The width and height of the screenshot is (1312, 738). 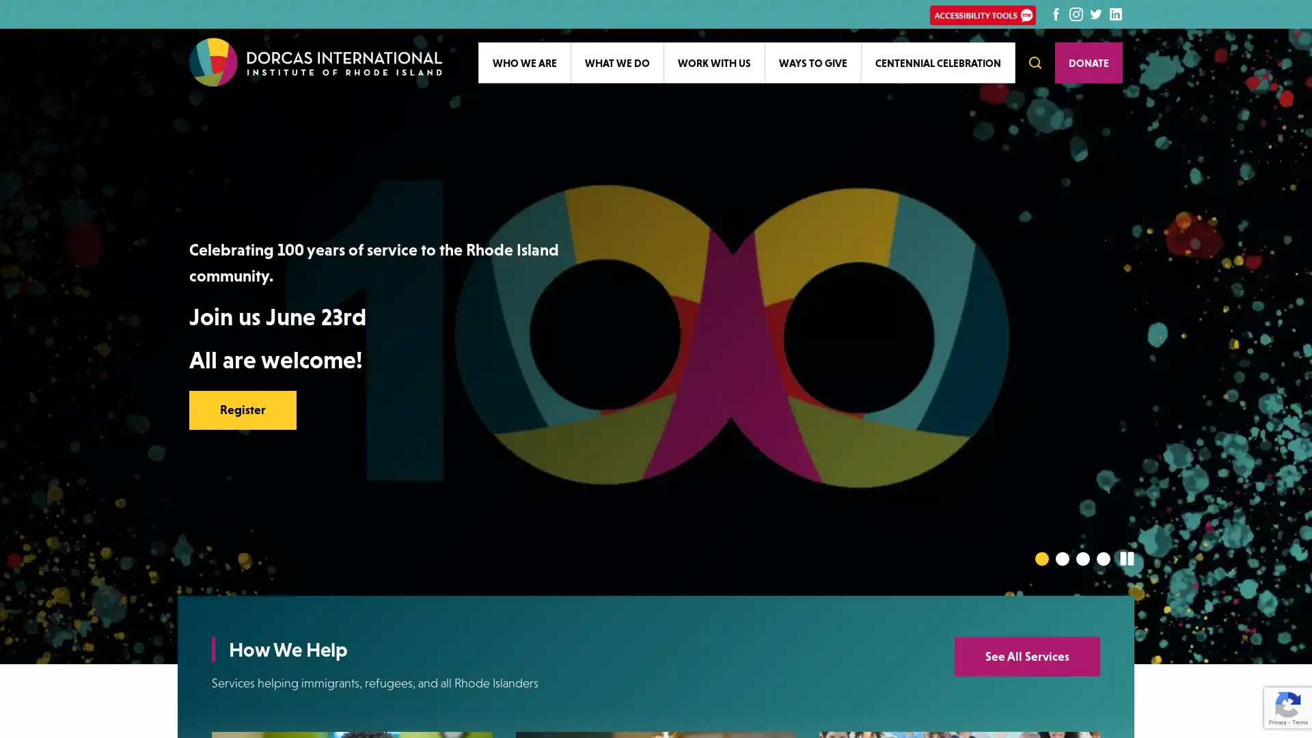 I want to click on Go to slide 1, so click(x=1041, y=558).